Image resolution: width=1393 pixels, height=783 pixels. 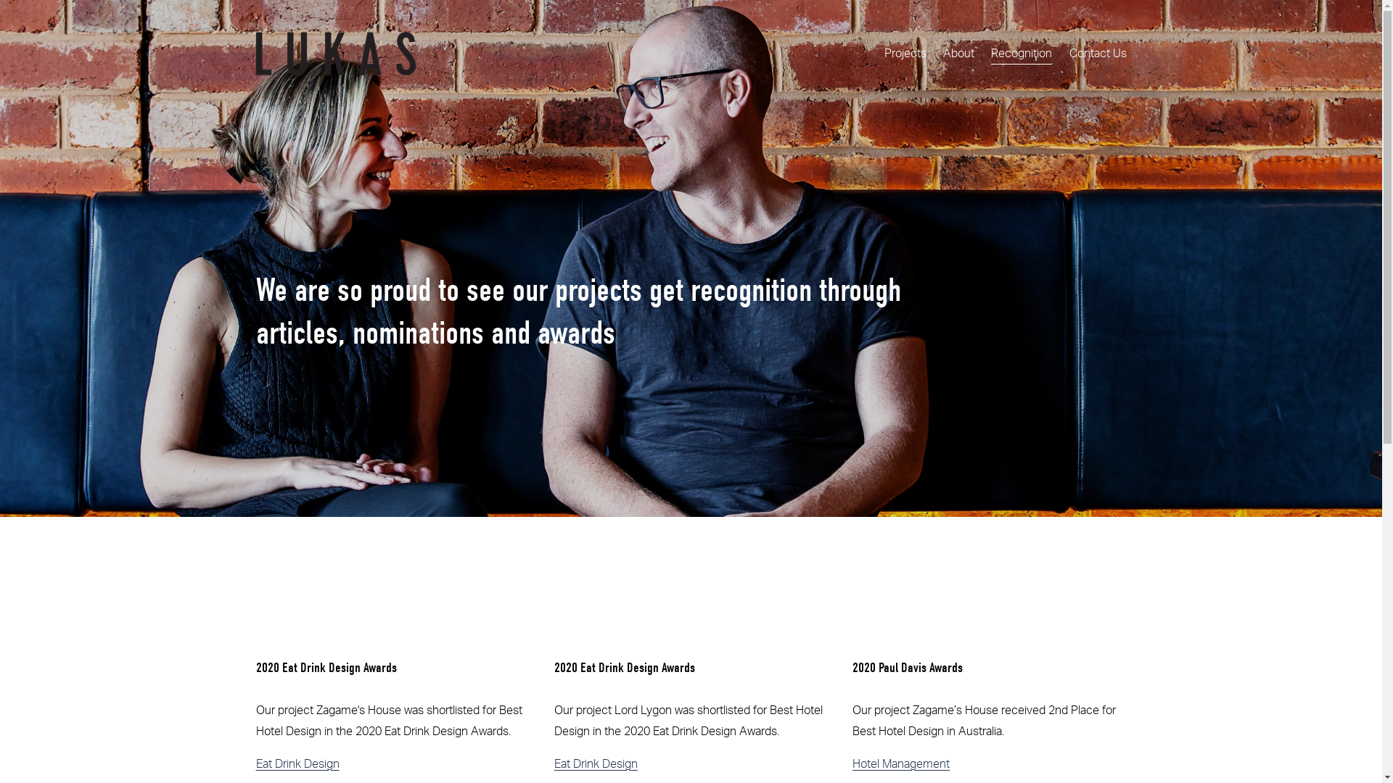 What do you see at coordinates (958, 52) in the screenshot?
I see `'About'` at bounding box center [958, 52].